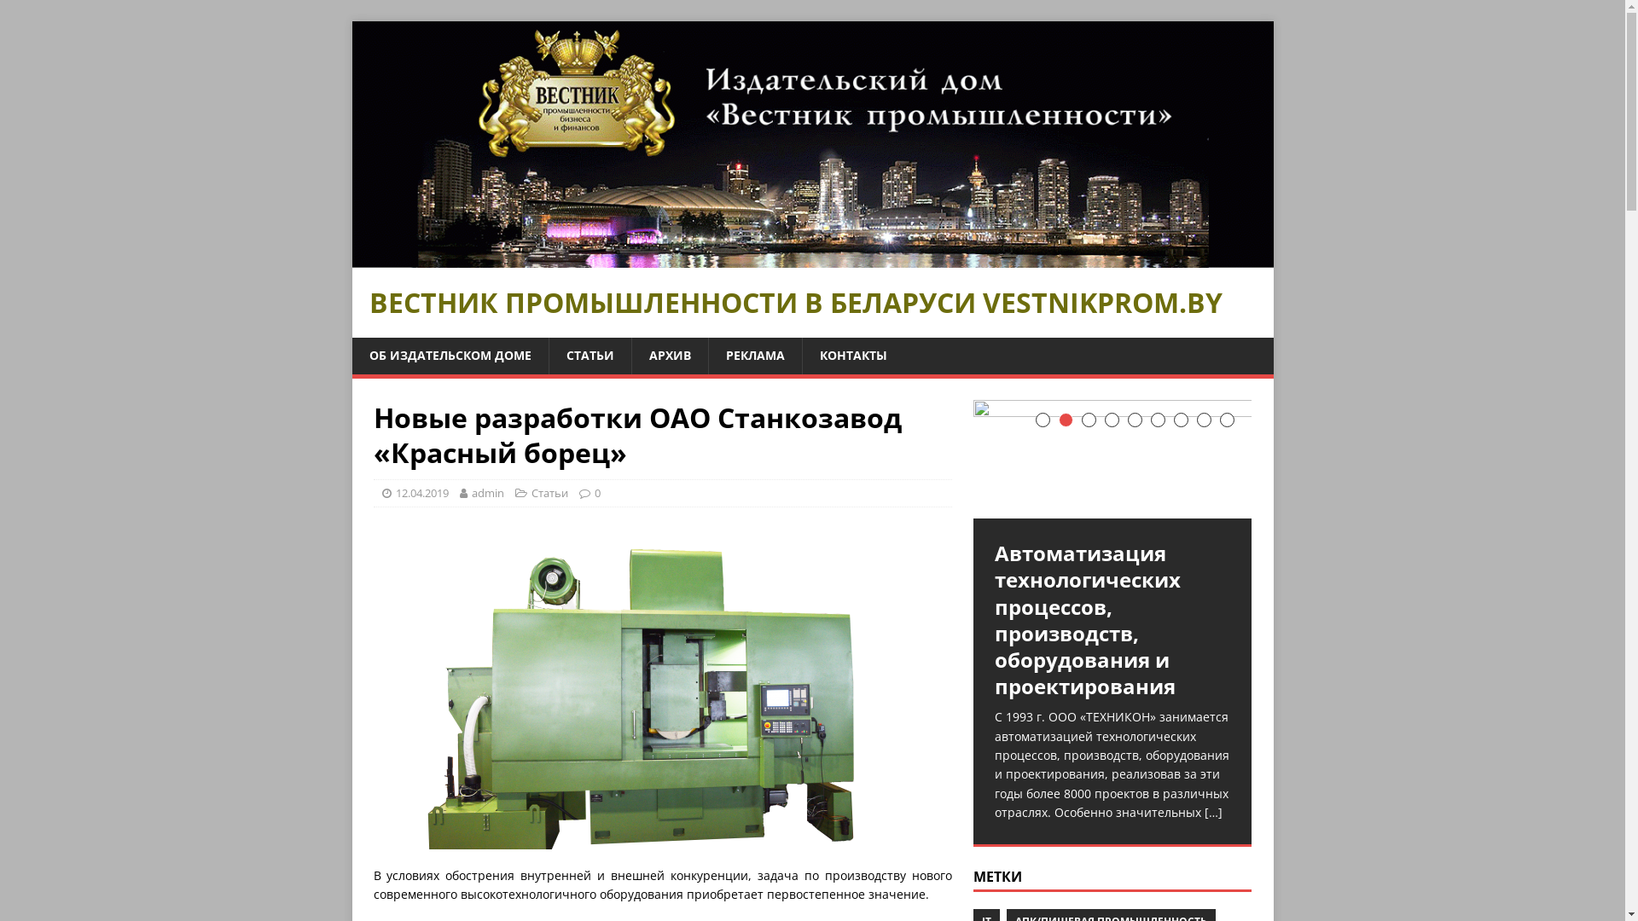 Image resolution: width=1638 pixels, height=921 pixels. What do you see at coordinates (1180, 420) in the screenshot?
I see `'7'` at bounding box center [1180, 420].